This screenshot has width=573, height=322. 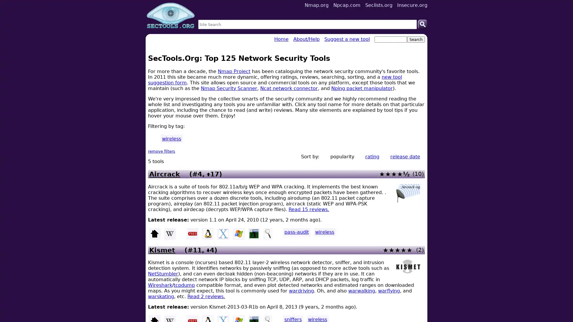 I want to click on Search, so click(x=415, y=39).